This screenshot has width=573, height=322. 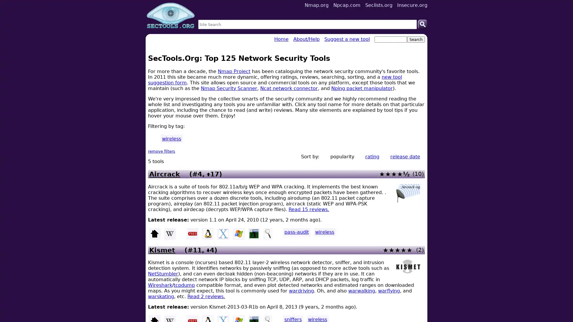 I want to click on Search, so click(x=415, y=39).